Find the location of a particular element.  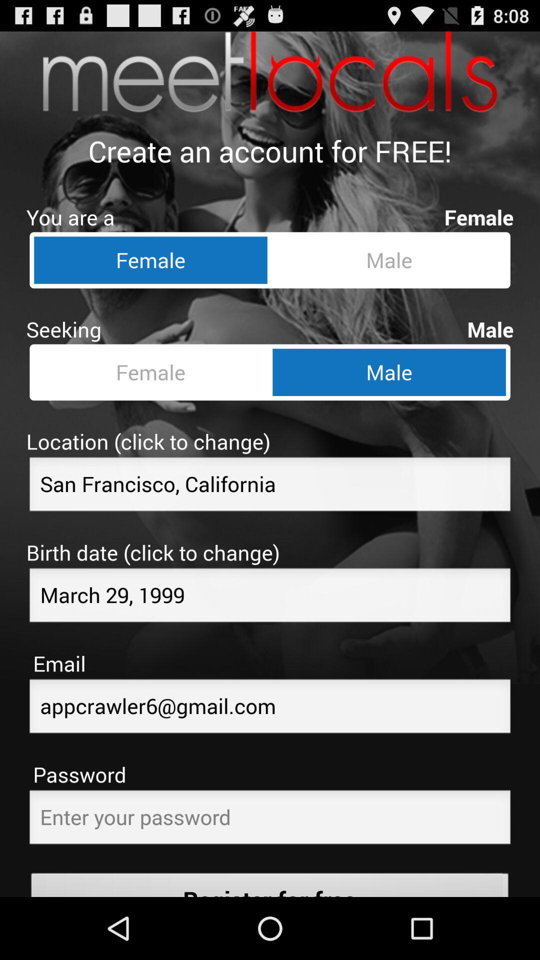

birth date is located at coordinates (270, 598).